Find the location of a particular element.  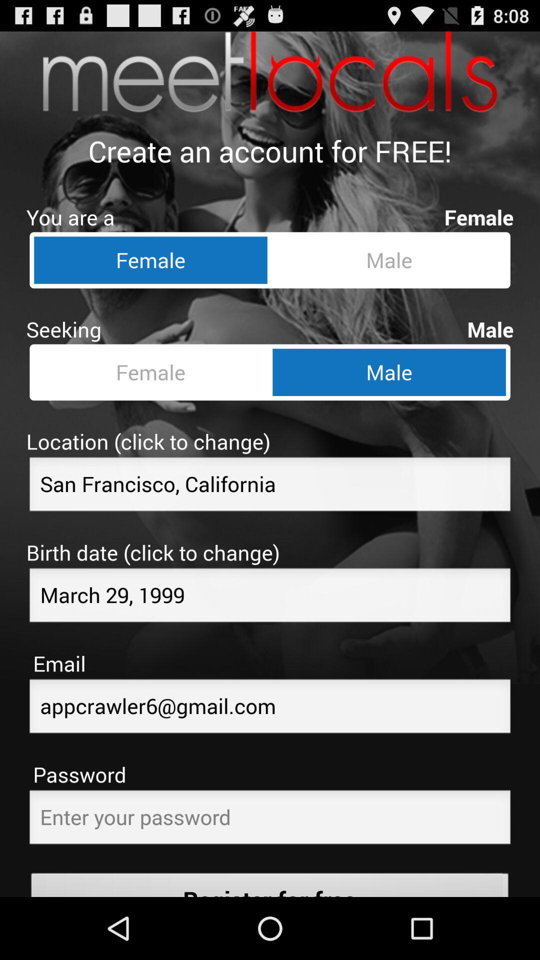

birth date is located at coordinates (270, 598).